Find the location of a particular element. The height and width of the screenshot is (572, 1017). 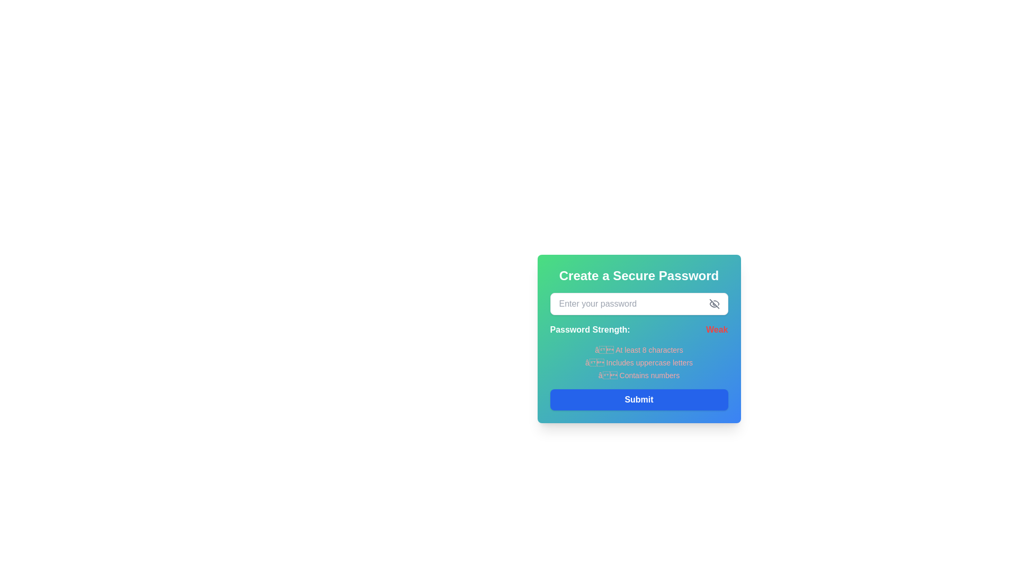

the eye icon button that indicates a hidden or obscured state is located at coordinates (714, 304).